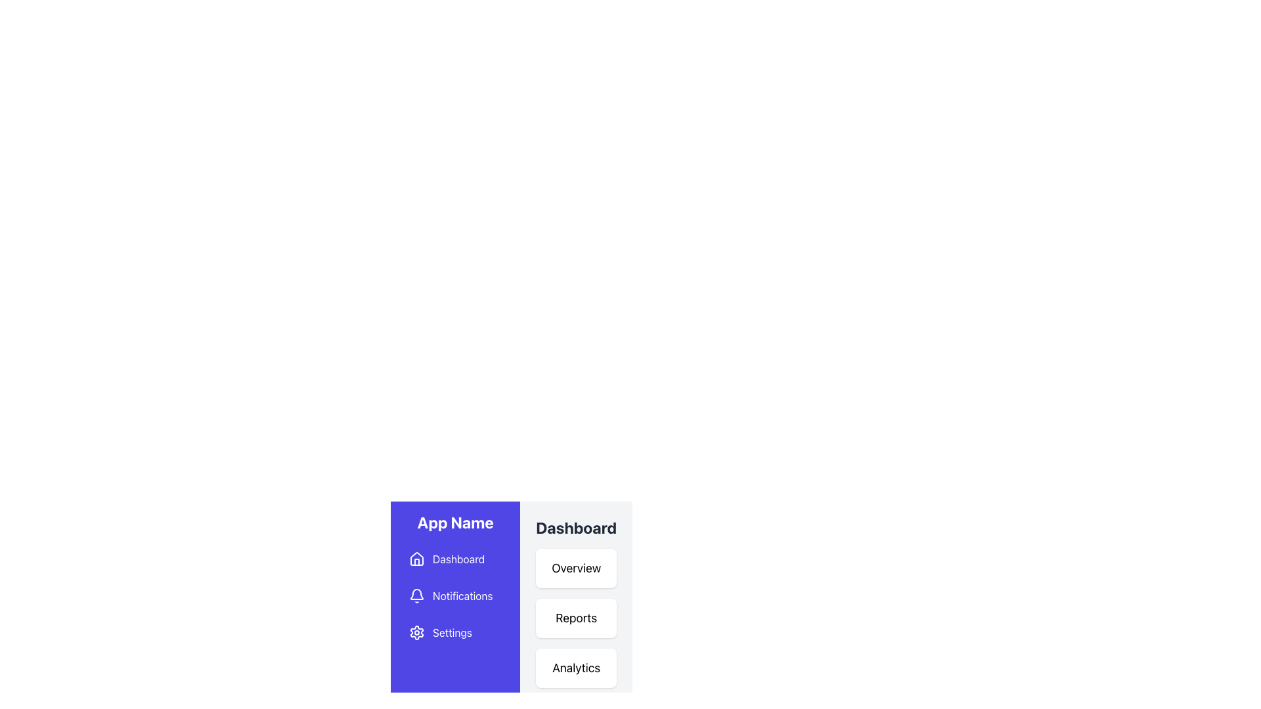 The image size is (1261, 709). What do you see at coordinates (576, 668) in the screenshot?
I see `the 'Analytics' button, which is the third button in the 'Dashboard' section` at bounding box center [576, 668].